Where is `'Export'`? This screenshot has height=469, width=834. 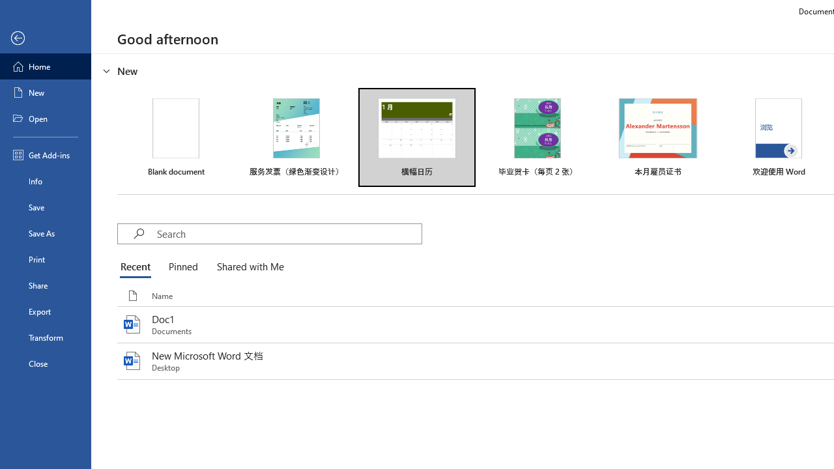
'Export' is located at coordinates (45, 311).